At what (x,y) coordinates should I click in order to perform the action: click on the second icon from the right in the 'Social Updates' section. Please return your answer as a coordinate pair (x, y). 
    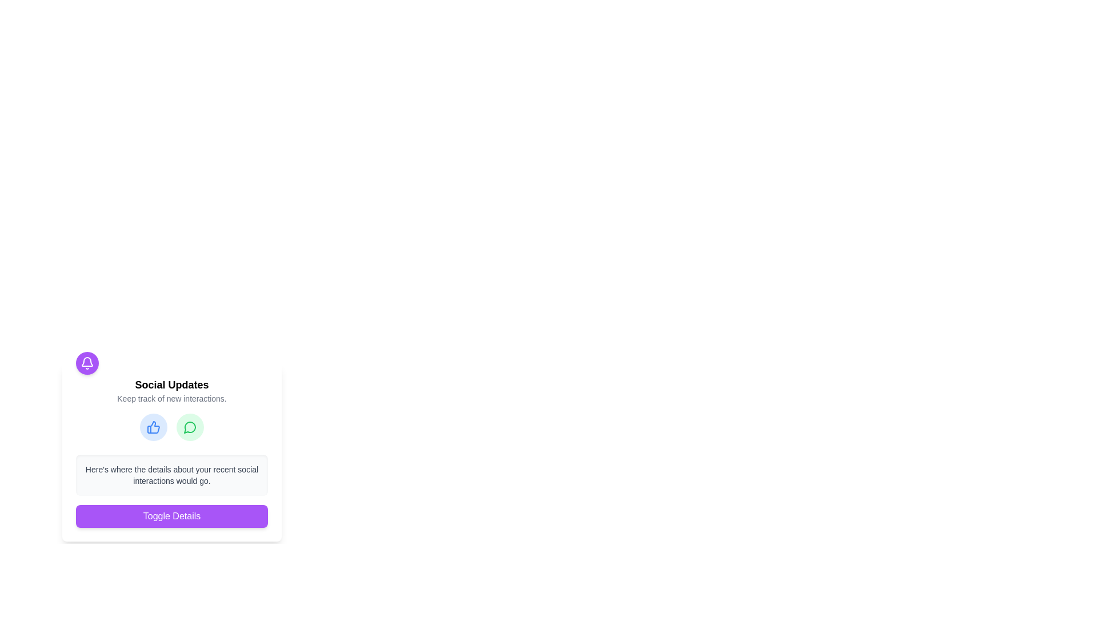
    Looking at the image, I should click on (190, 427).